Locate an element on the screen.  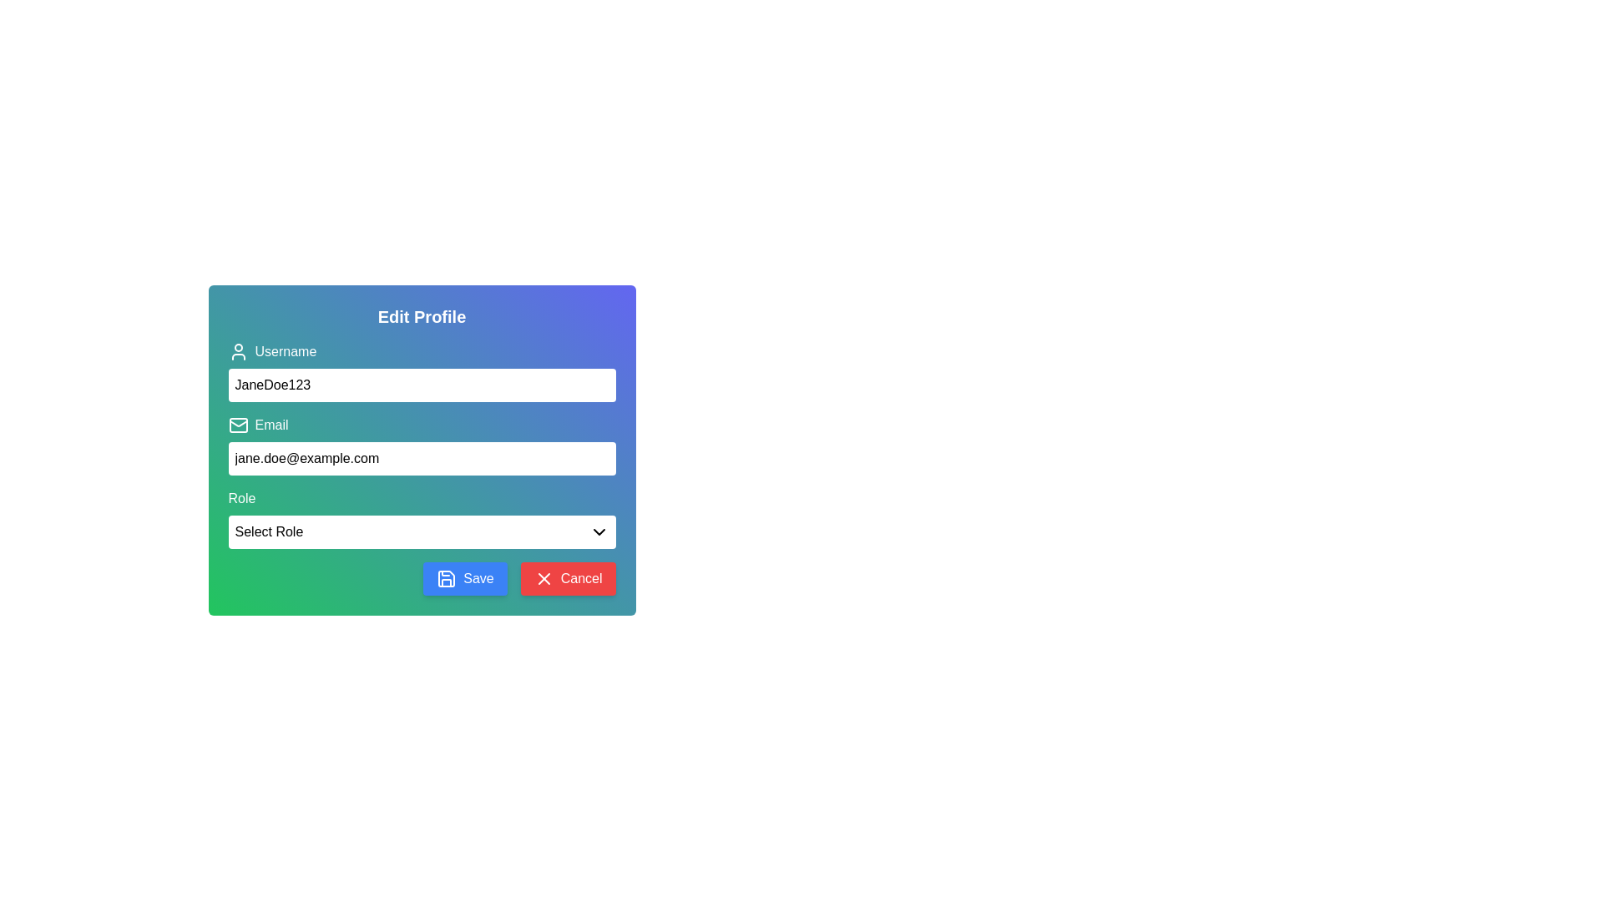
the static text label 'Edit Profile' located at the top of the form, which is styled prominently with a larger font size and bold text is located at coordinates (422, 317).